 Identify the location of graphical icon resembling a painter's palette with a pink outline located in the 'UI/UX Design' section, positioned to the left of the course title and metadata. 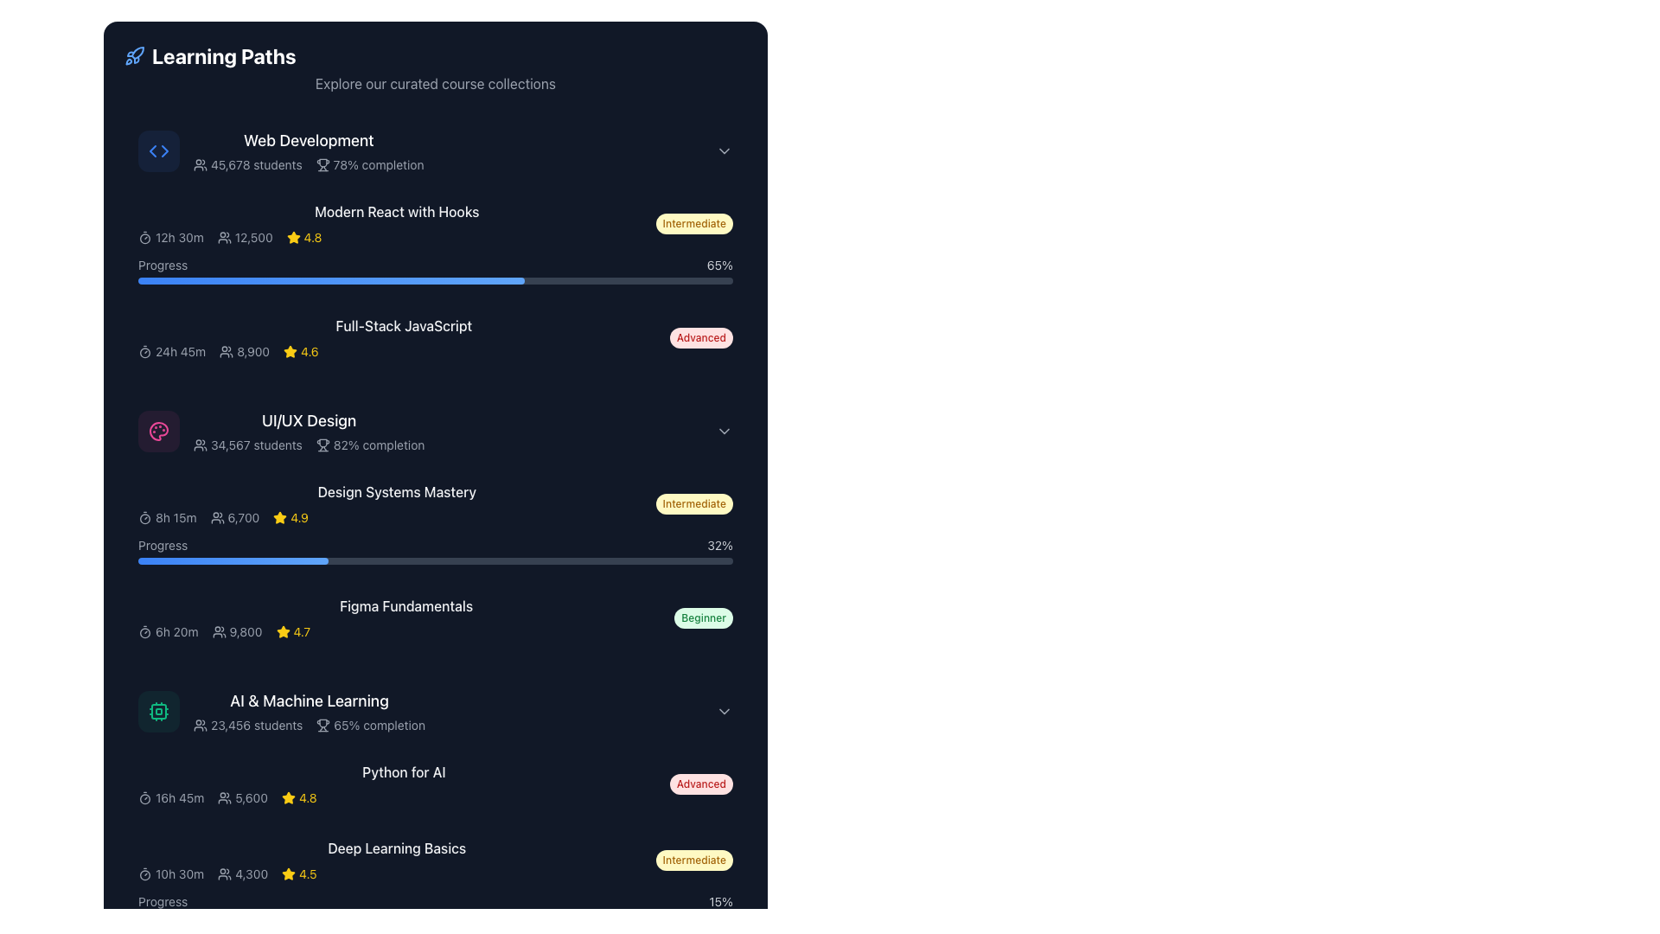
(158, 430).